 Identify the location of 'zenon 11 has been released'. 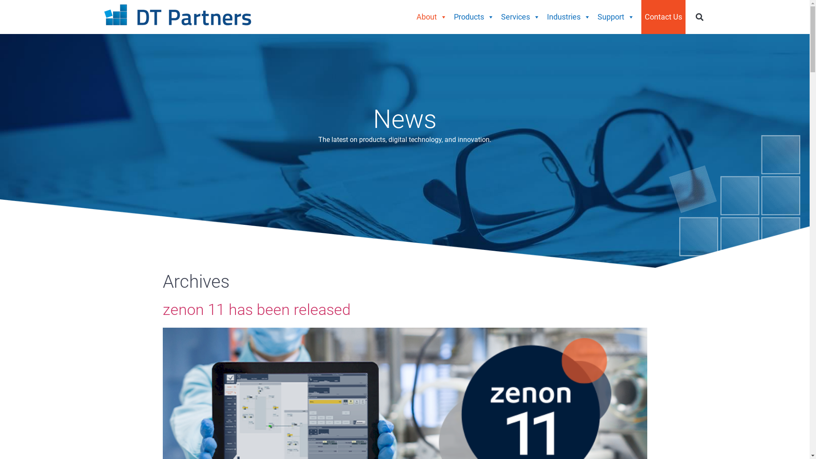
(256, 310).